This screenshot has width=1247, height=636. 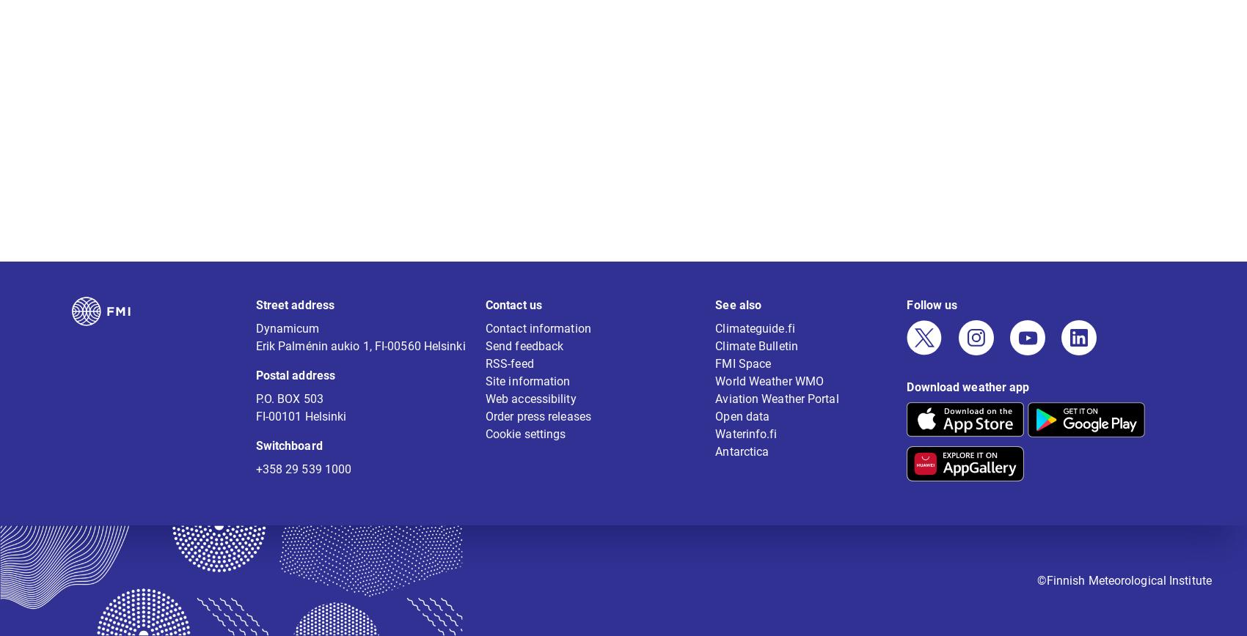 What do you see at coordinates (359, 355) in the screenshot?
I see `'Erik Palménin aukio 1, FI-00560 Helsinki'` at bounding box center [359, 355].